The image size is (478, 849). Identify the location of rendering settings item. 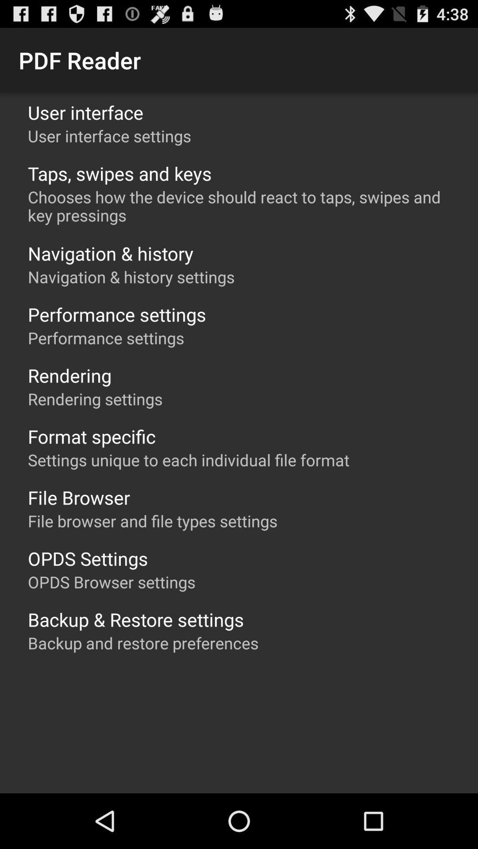
(95, 398).